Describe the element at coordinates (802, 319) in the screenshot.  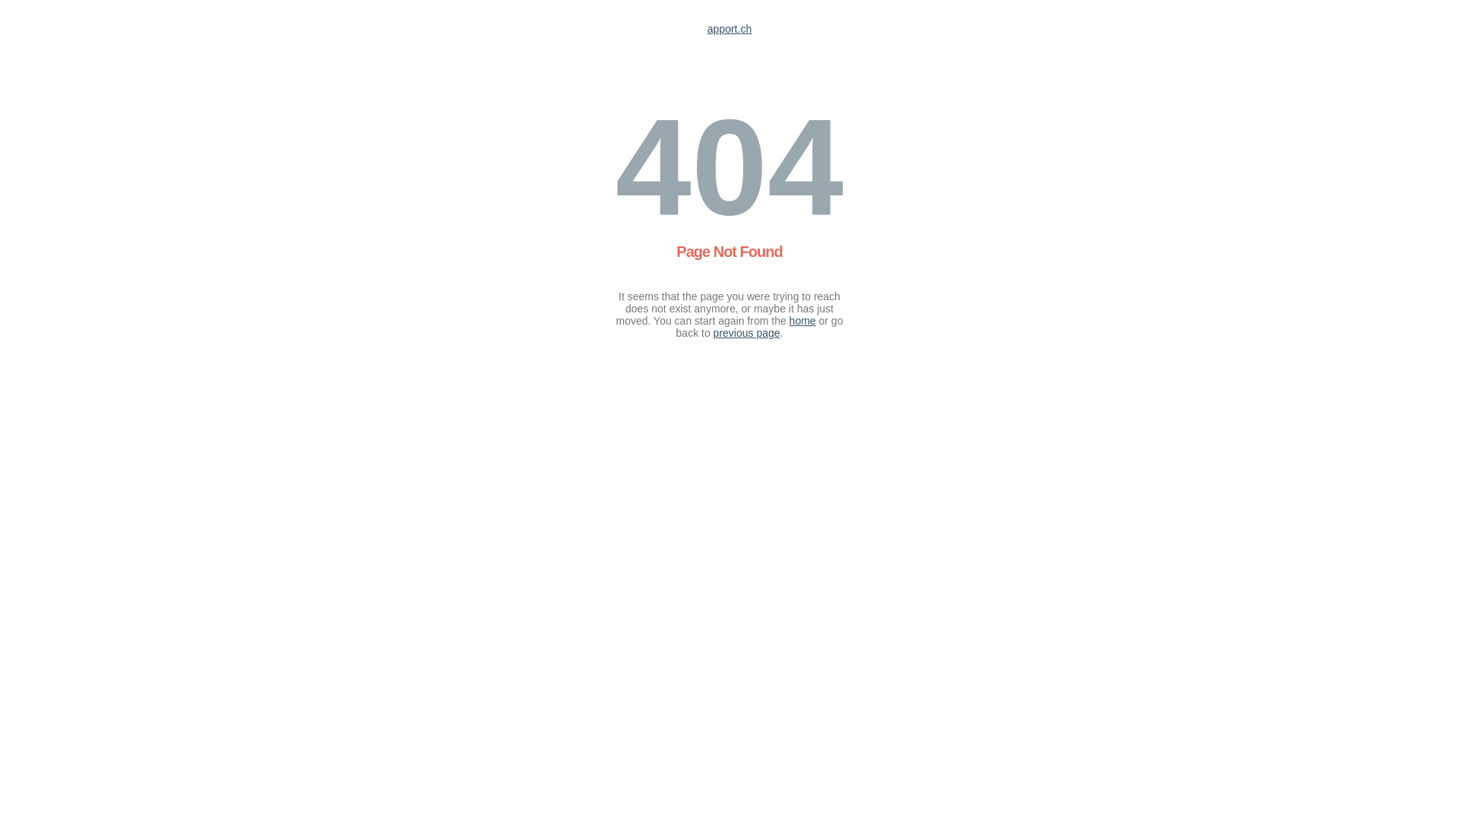
I see `'home'` at that location.